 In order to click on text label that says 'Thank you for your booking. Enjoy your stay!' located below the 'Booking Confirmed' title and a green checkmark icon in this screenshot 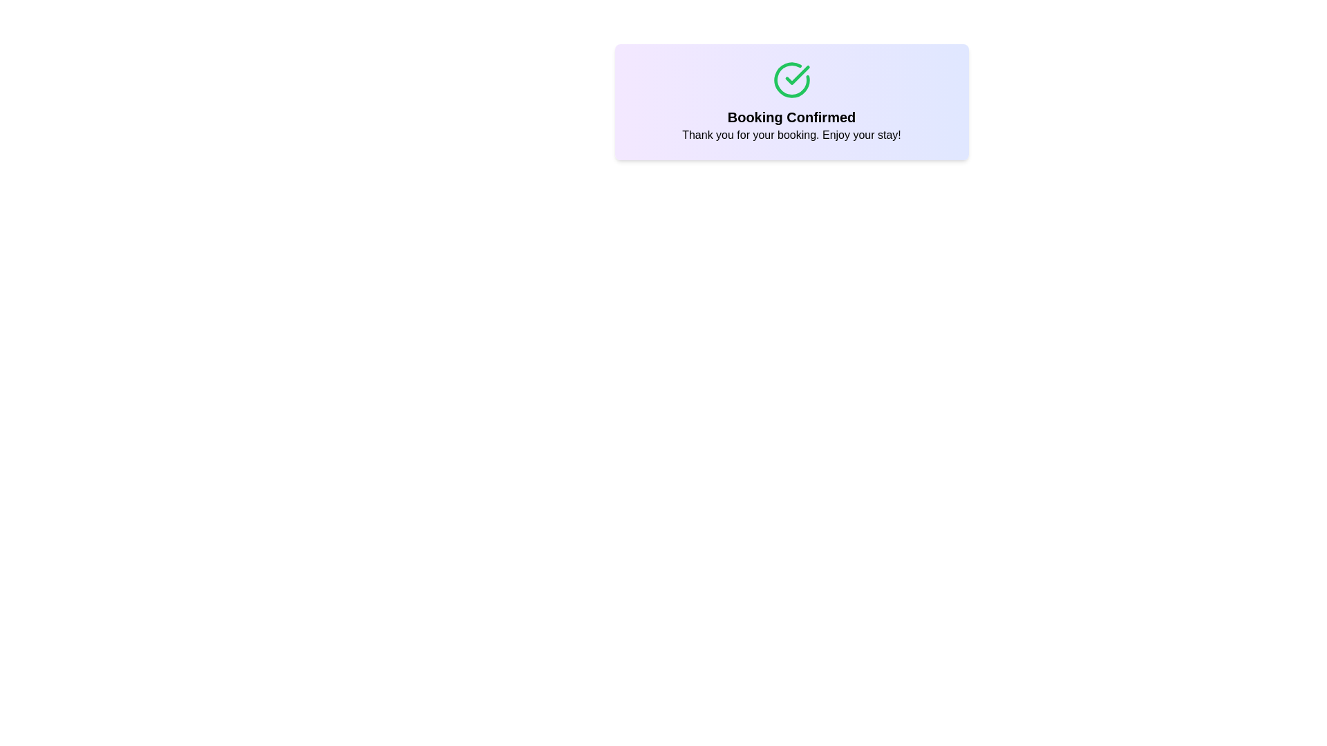, I will do `click(791, 135)`.